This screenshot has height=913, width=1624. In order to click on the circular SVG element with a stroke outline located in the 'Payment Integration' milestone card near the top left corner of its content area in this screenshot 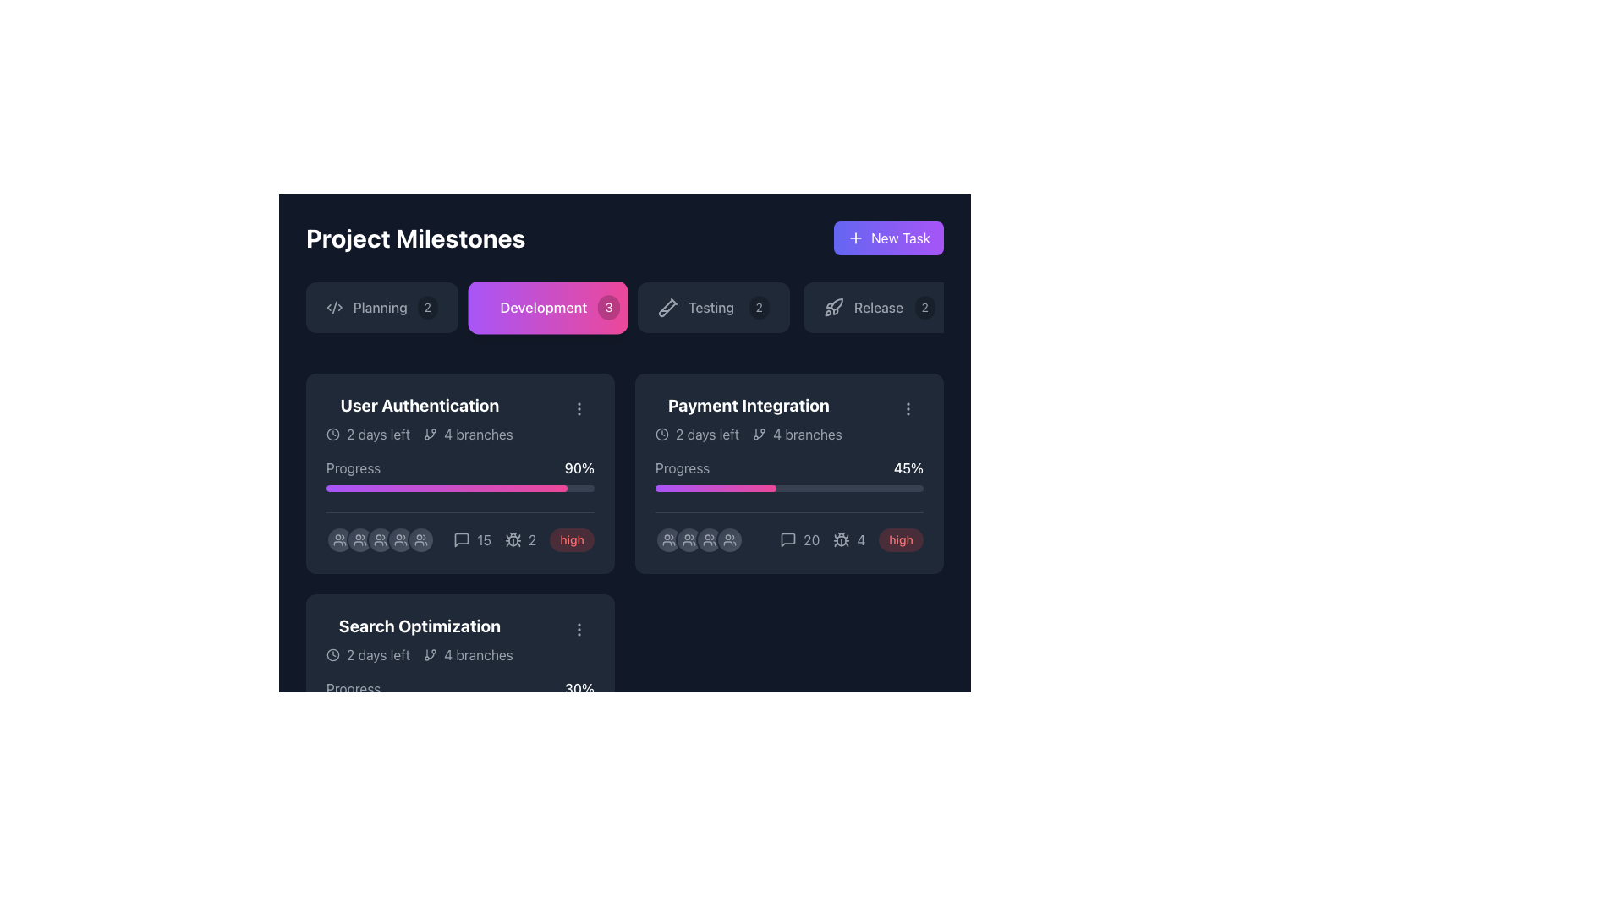, I will do `click(661, 433)`.